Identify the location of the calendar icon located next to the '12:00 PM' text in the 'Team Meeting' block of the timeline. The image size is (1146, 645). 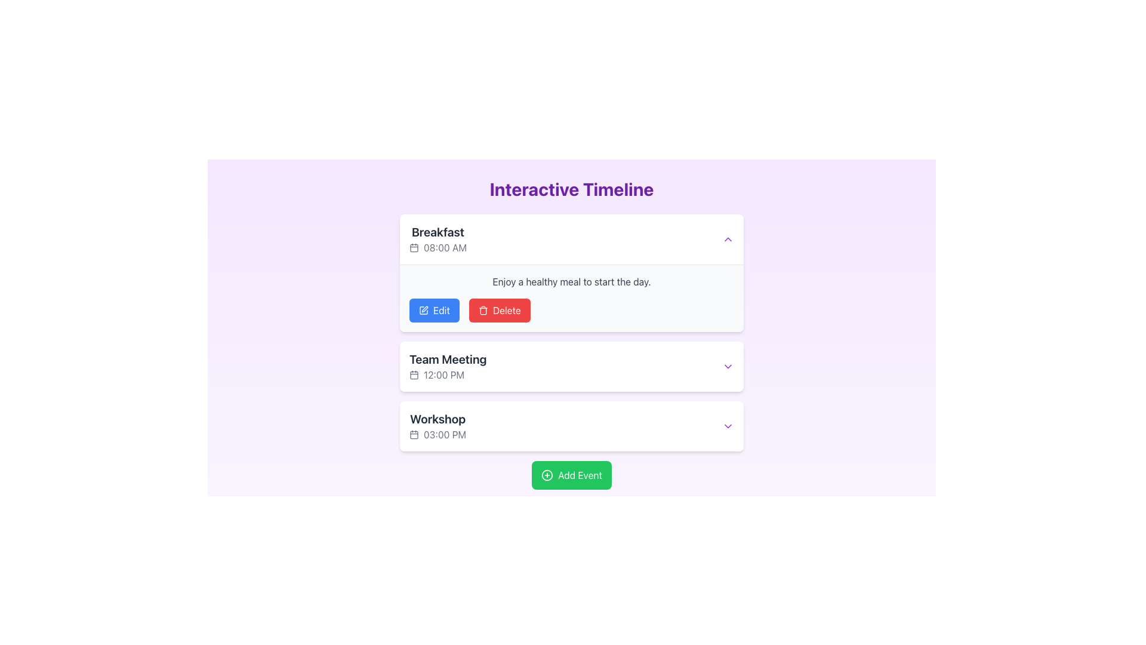
(414, 374).